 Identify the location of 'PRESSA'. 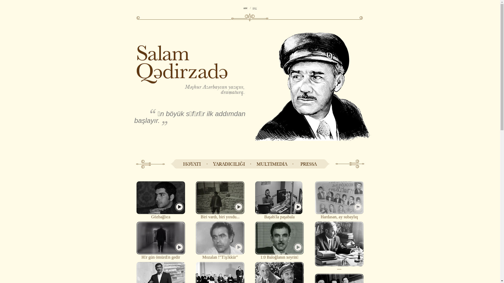
(308, 164).